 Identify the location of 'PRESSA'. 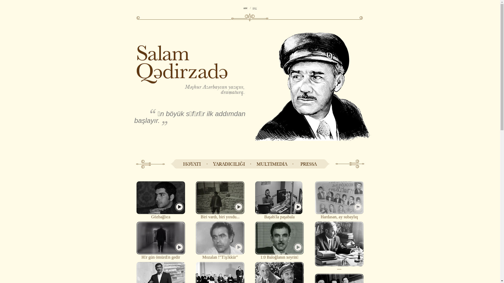
(308, 164).